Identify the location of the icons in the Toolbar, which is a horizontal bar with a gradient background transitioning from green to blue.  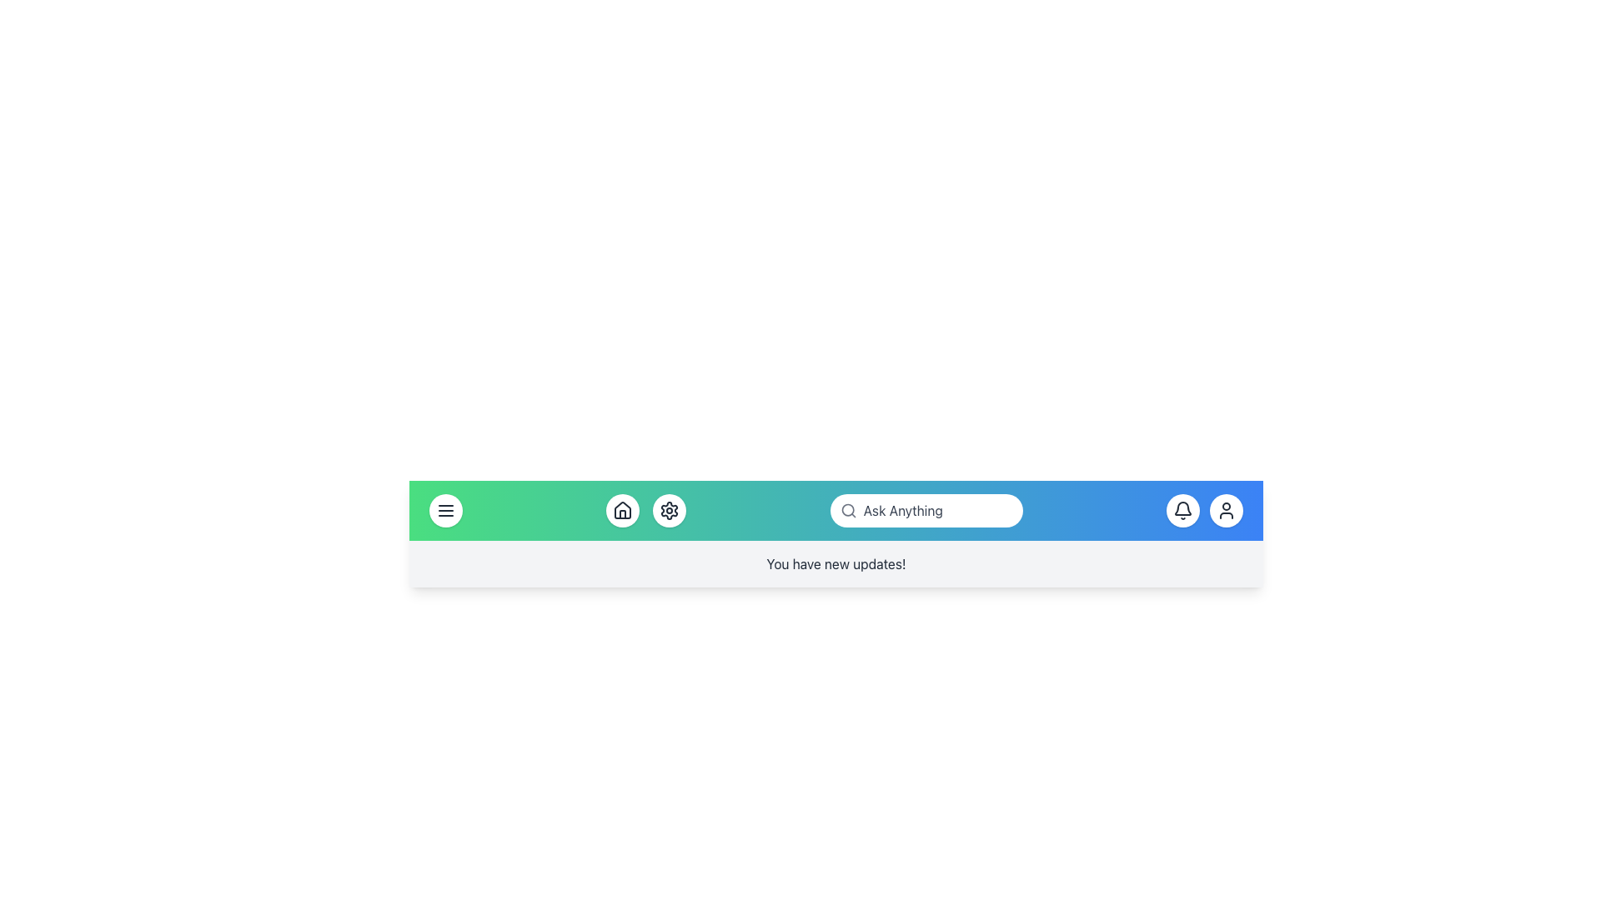
(836, 510).